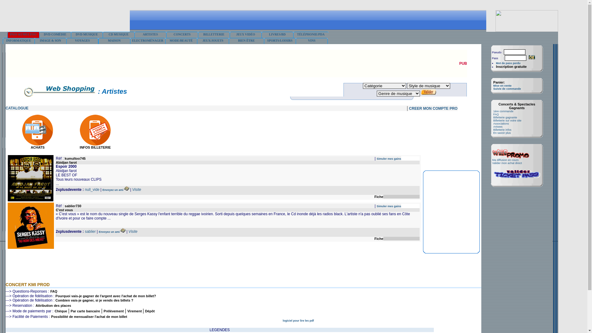 This screenshot has width=592, height=333. Describe the element at coordinates (505, 160) in the screenshot. I see `'Ma diffusion en cours'` at that location.